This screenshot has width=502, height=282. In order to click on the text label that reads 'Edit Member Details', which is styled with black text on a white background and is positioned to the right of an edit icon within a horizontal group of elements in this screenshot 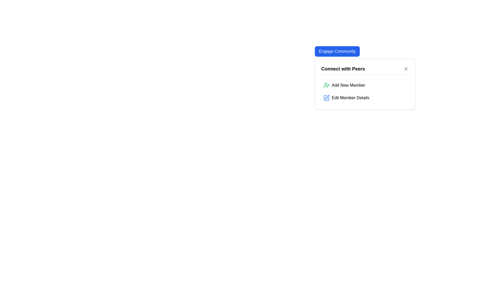, I will do `click(350, 98)`.